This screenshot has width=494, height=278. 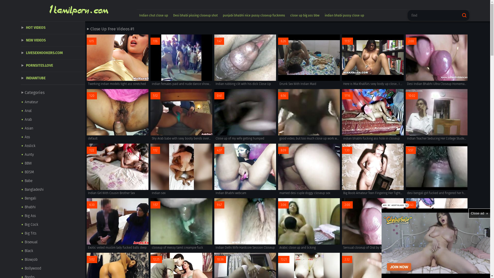 I want to click on '2:00, so click(x=436, y=60).